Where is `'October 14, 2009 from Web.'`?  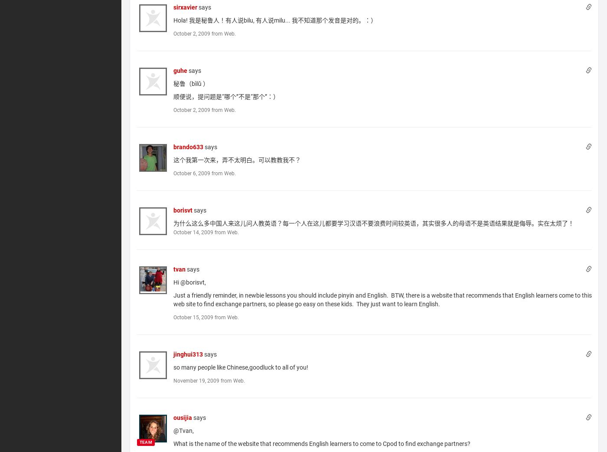 'October 14, 2009 from Web.' is located at coordinates (173, 231).